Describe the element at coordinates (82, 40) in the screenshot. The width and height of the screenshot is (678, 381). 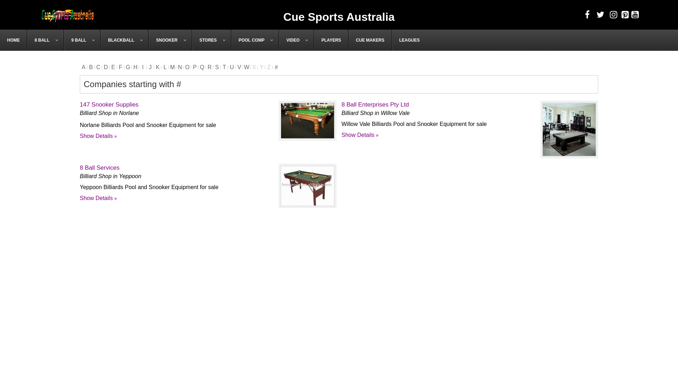
I see `'9 BALL'` at that location.